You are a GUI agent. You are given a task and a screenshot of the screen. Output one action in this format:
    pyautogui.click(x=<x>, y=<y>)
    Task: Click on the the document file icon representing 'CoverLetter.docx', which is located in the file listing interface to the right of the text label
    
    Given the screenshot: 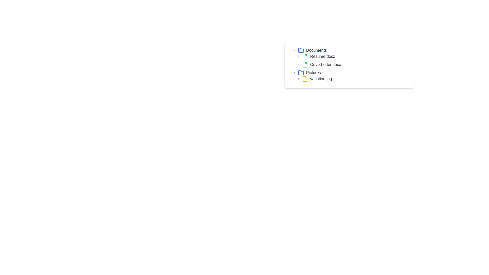 What is the action you would take?
    pyautogui.click(x=305, y=64)
    